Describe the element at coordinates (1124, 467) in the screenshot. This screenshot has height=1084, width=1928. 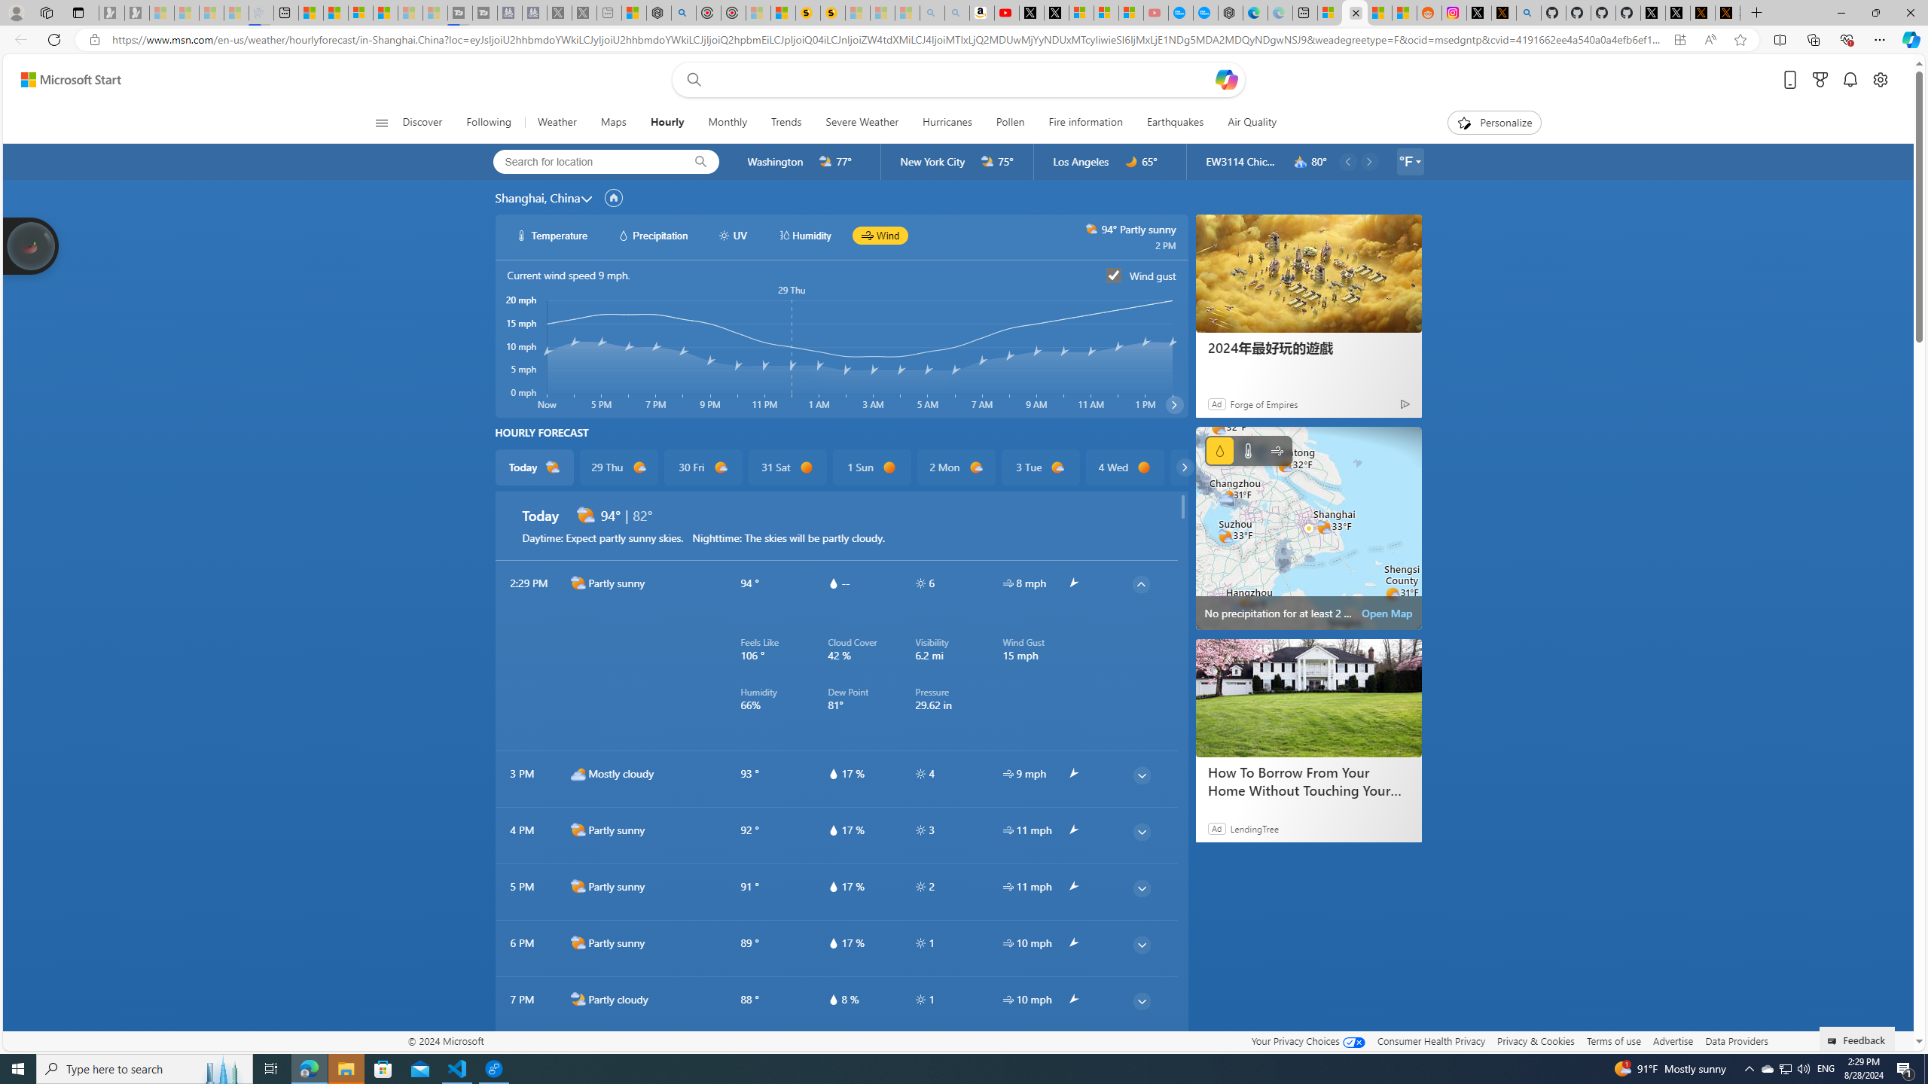
I see `'4 Wed d0000'` at that location.